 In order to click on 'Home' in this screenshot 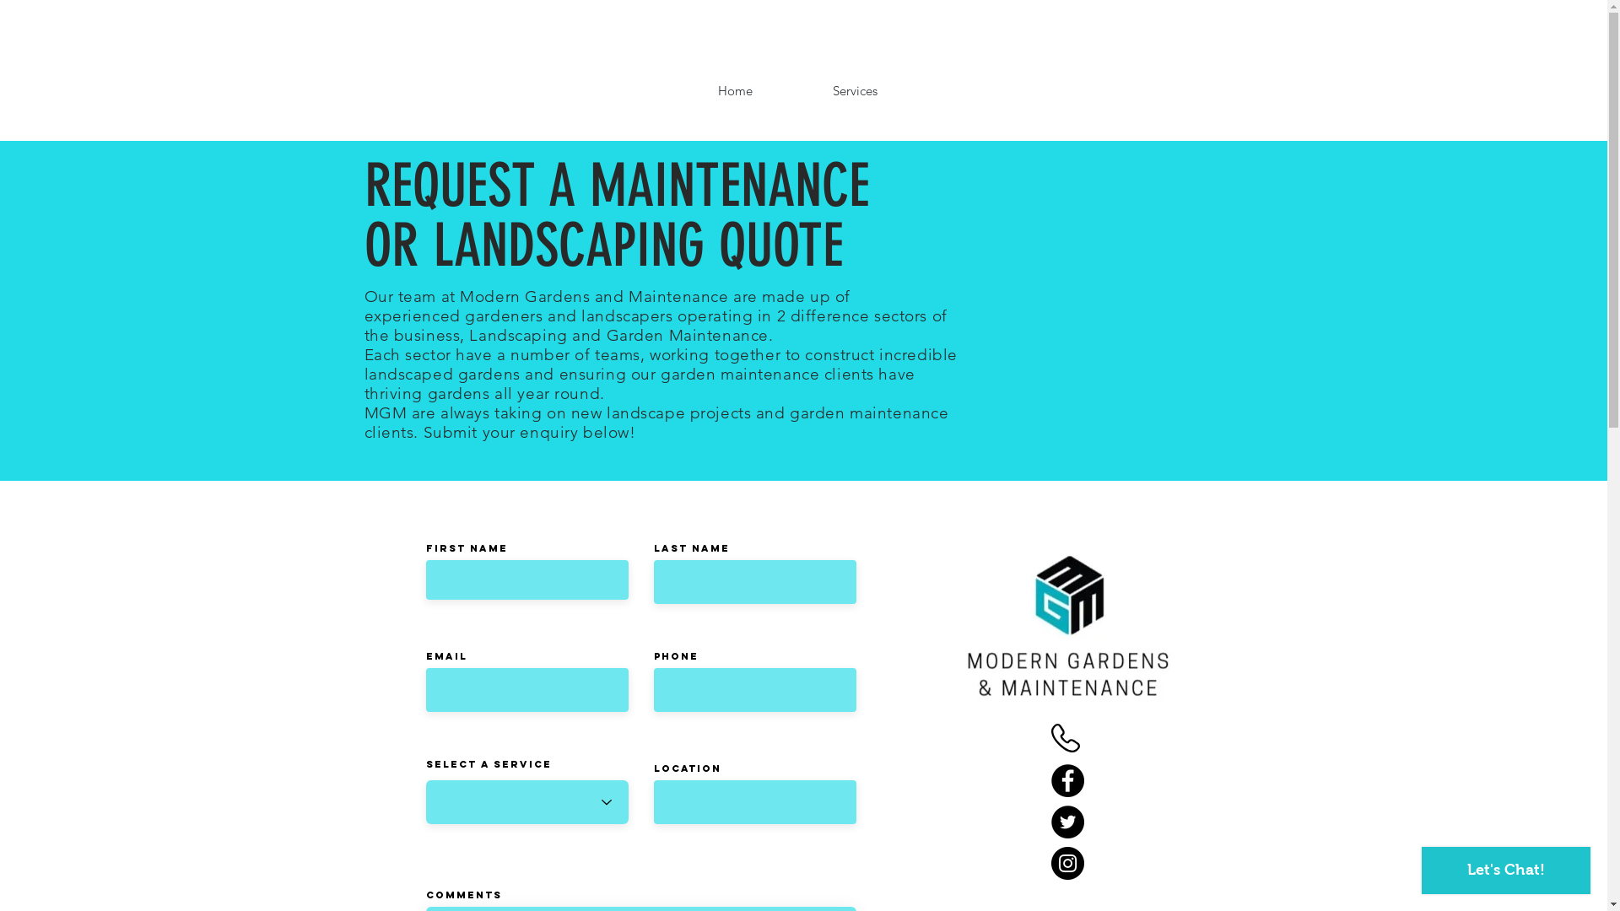, I will do `click(734, 90)`.